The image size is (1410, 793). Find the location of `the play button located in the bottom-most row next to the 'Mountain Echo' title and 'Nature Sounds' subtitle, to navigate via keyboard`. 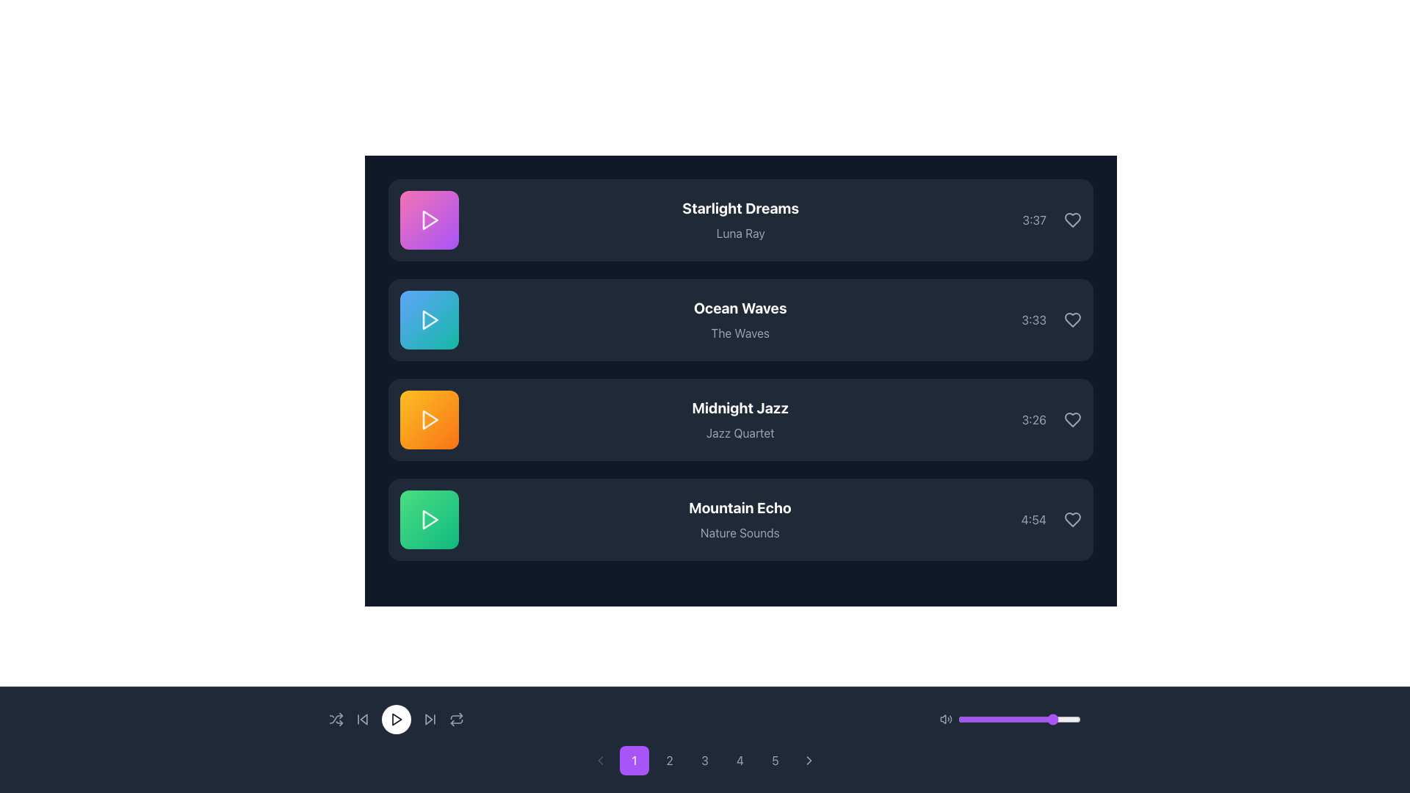

the play button located in the bottom-most row next to the 'Mountain Echo' title and 'Nature Sounds' subtitle, to navigate via keyboard is located at coordinates (429, 519).